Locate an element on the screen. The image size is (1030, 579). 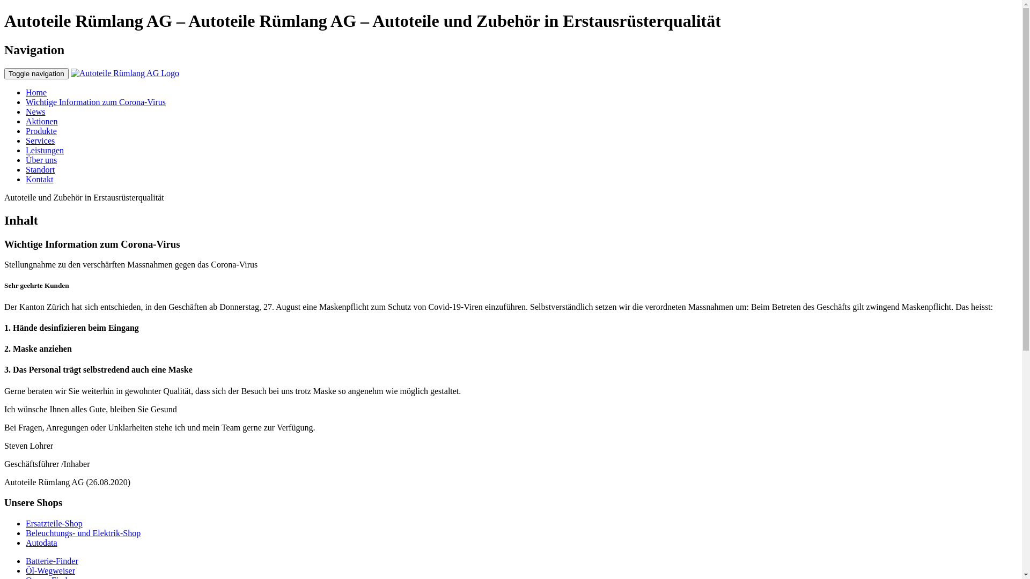
'News' is located at coordinates (35, 112).